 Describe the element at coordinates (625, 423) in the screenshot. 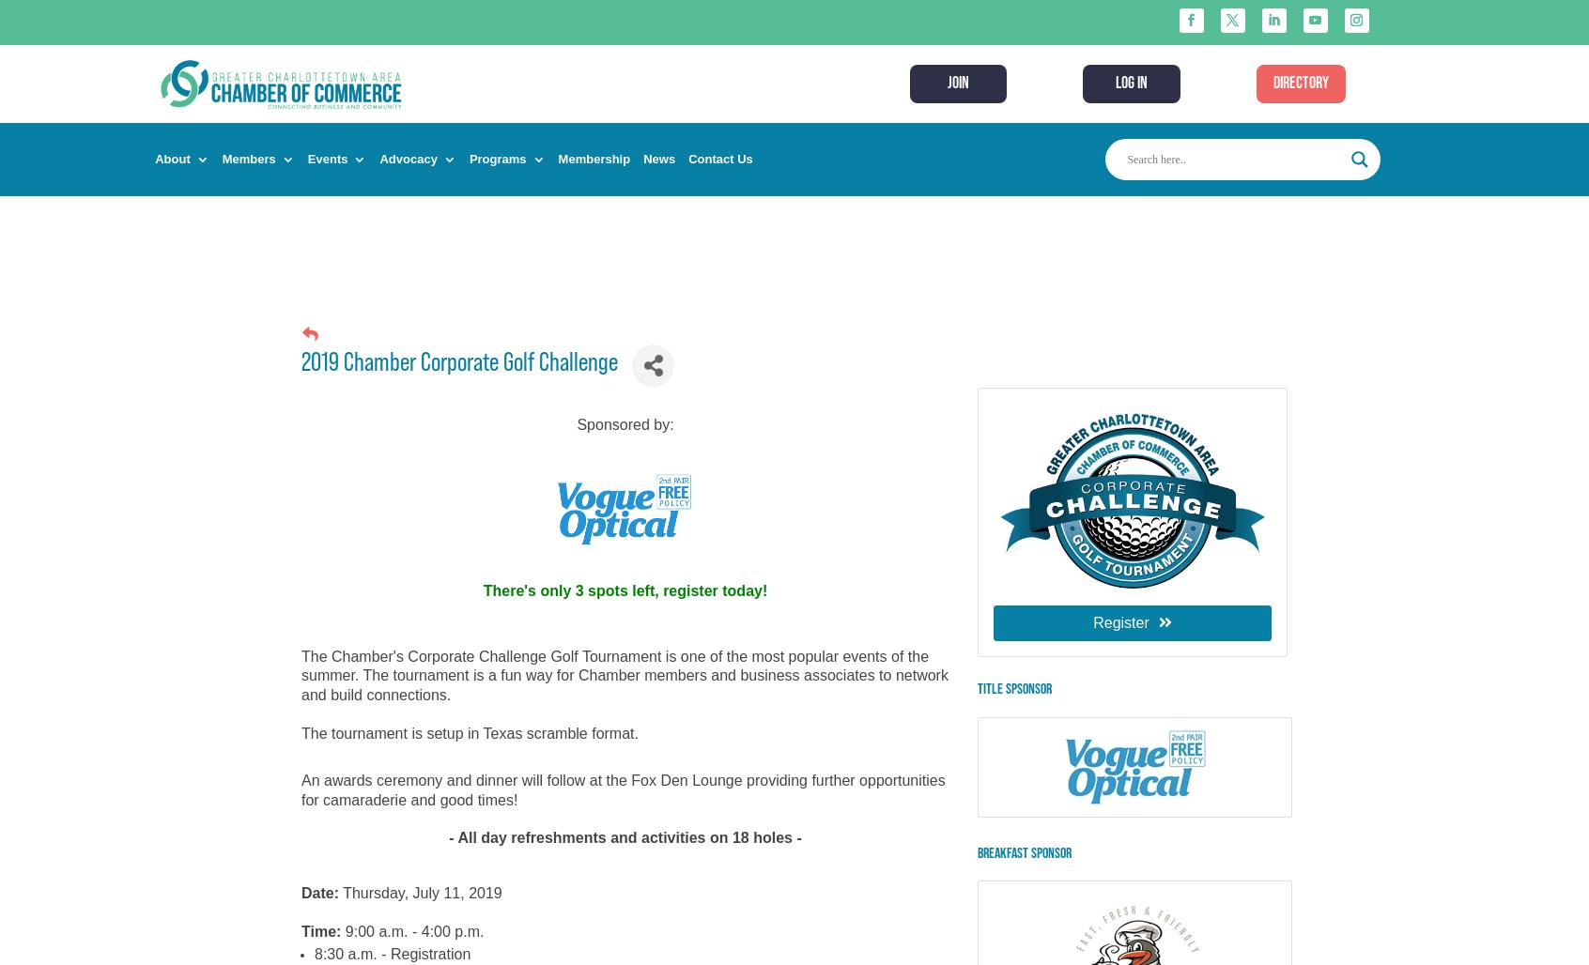

I see `'Sponsored by:'` at that location.